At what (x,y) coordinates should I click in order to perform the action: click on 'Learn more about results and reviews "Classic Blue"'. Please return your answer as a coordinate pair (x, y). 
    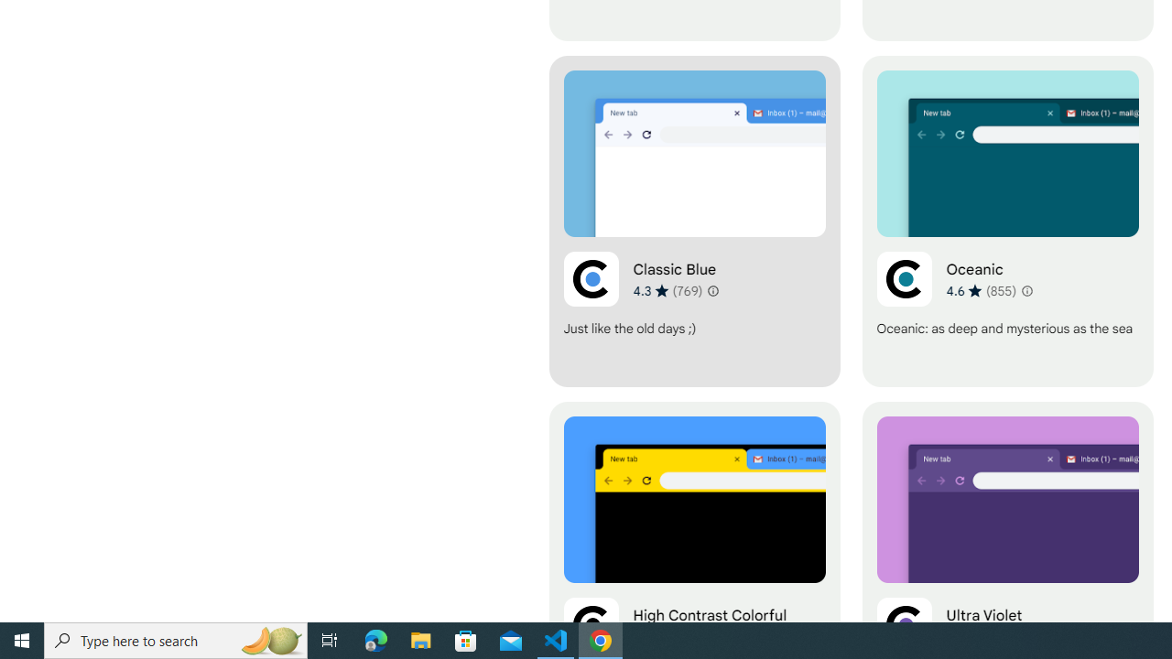
    Looking at the image, I should click on (711, 289).